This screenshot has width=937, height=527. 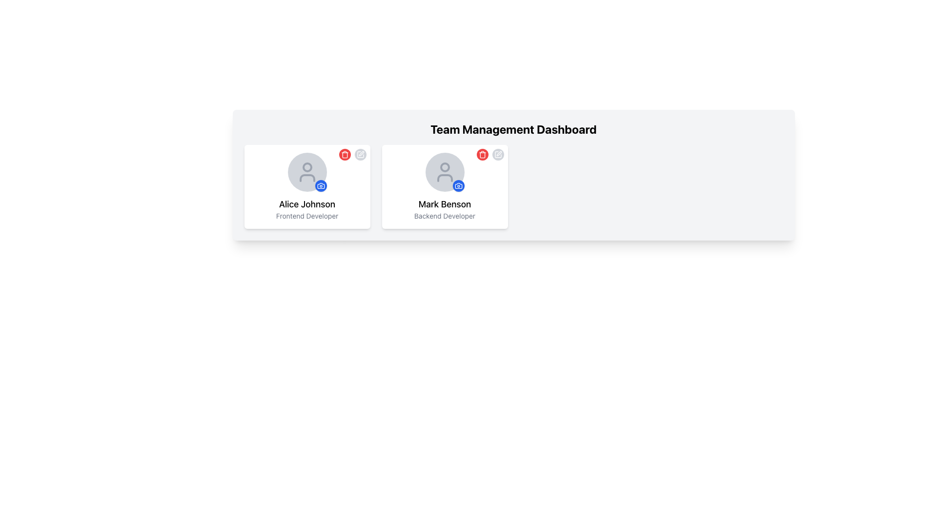 I want to click on the text element that displays the role or position of the individual associated with the card labeled 'Alice Johnson', which is located at the bottom of the card and centered horizontally, so click(x=306, y=216).